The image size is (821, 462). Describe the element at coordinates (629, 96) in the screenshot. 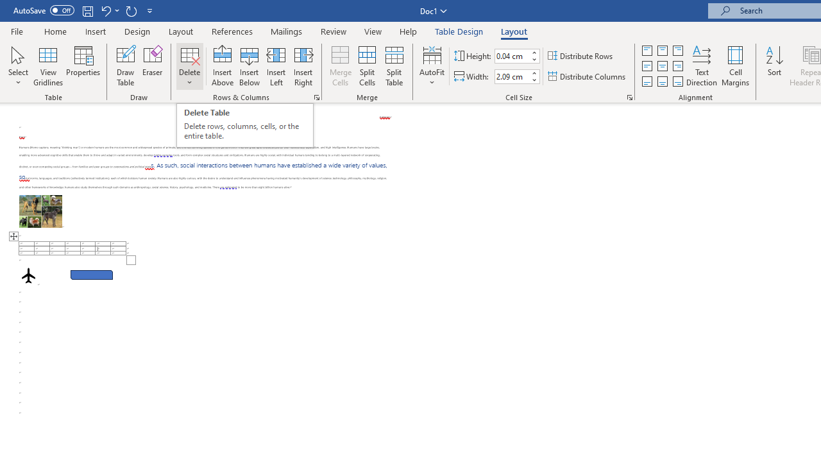

I see `'Properties...'` at that location.